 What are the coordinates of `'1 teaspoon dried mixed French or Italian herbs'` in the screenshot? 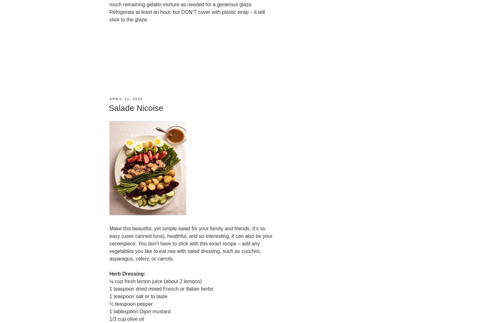 It's located at (161, 289).